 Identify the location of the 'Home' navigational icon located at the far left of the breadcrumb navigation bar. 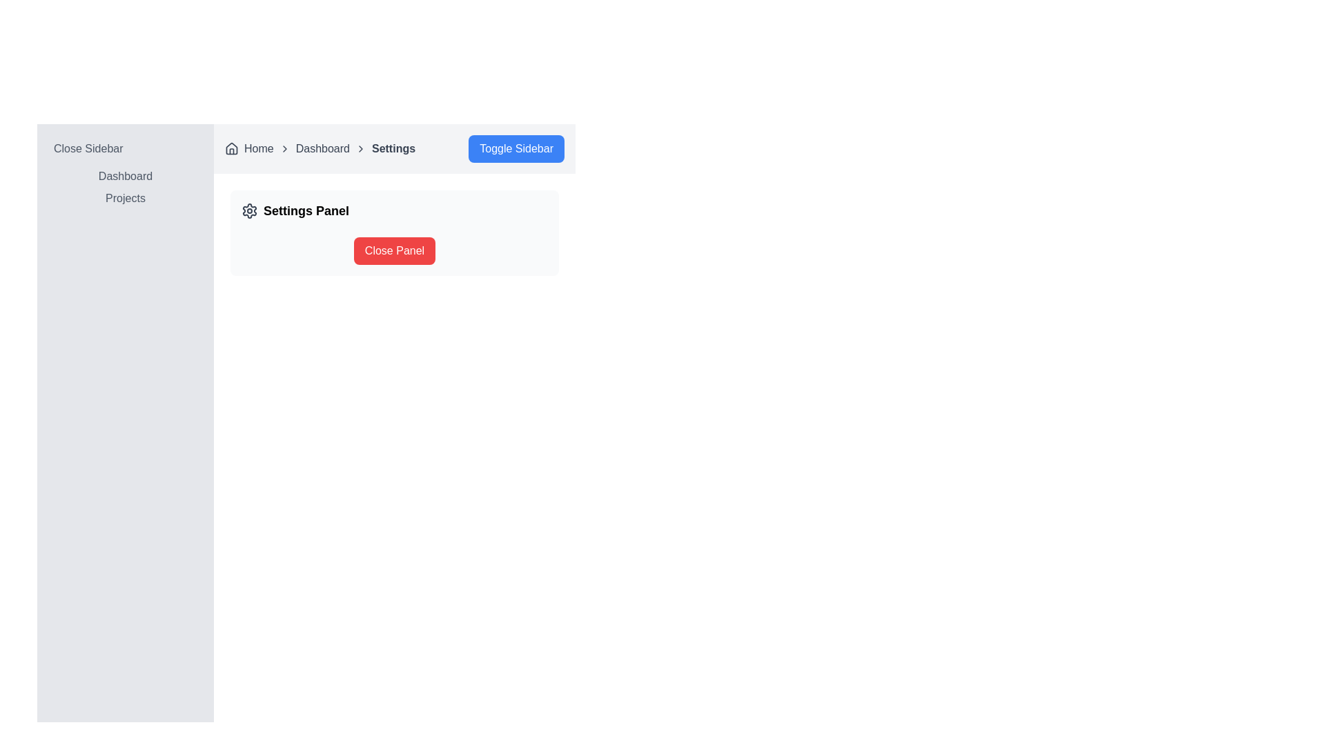
(232, 149).